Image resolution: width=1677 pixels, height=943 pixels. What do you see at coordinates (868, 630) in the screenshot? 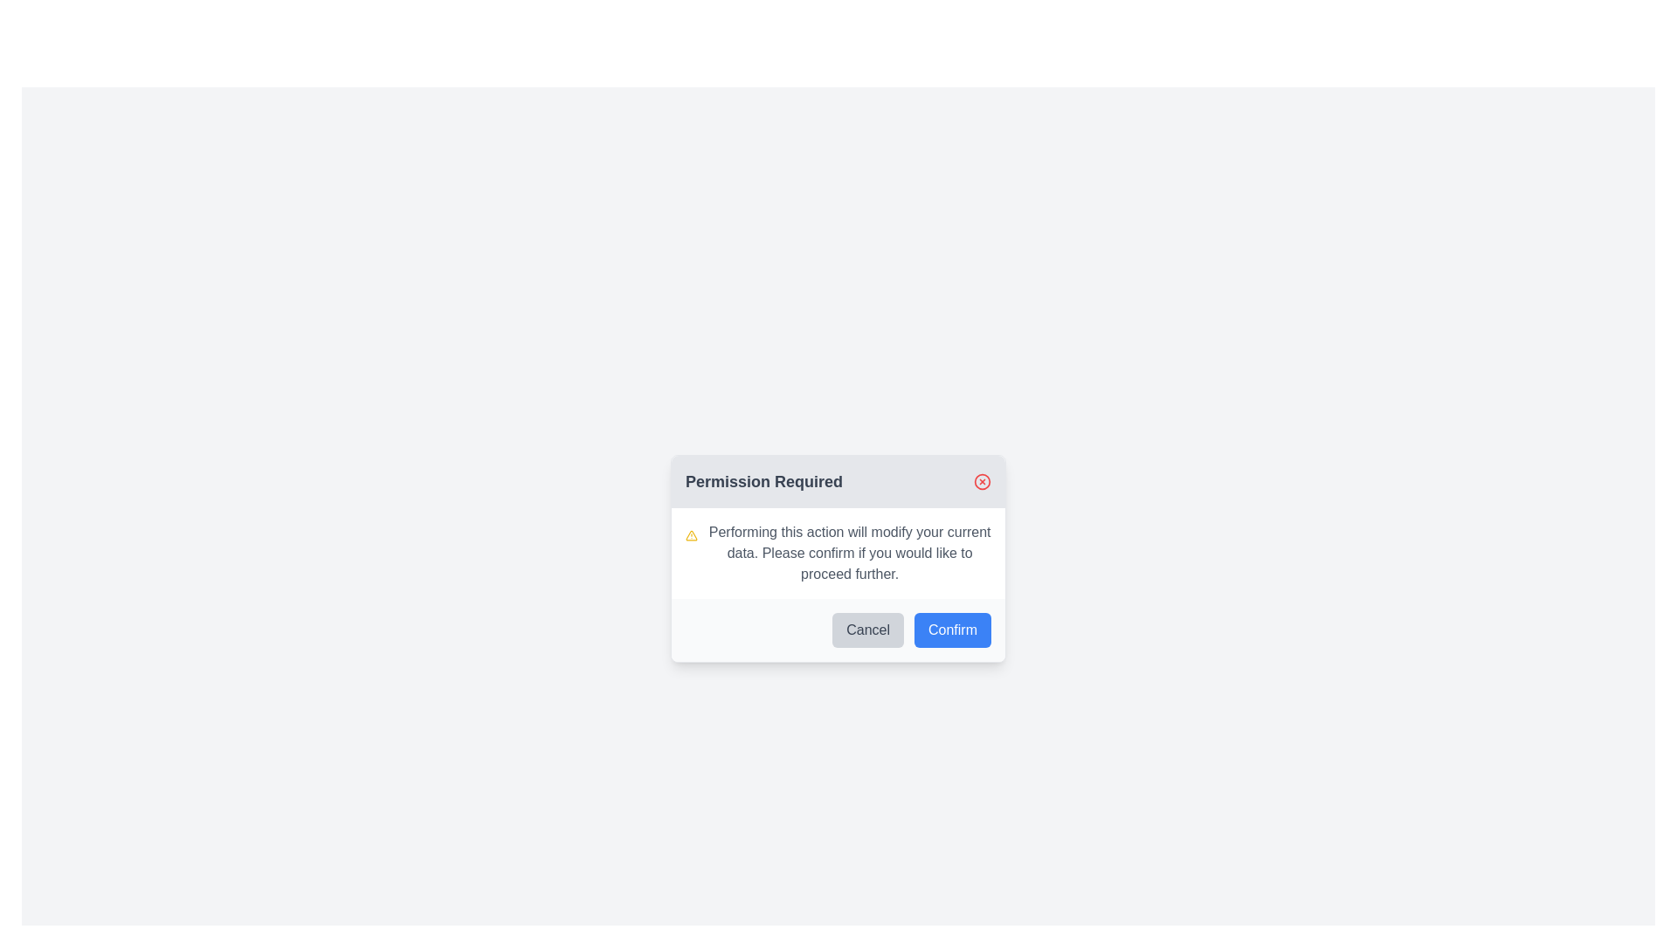
I see `the 'Cancel' button` at bounding box center [868, 630].